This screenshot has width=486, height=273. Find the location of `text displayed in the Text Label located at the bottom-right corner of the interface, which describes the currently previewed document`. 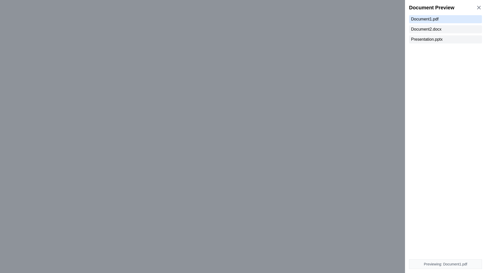

text displayed in the Text Label located at the bottom-right corner of the interface, which describes the currently previewed document is located at coordinates (445, 264).